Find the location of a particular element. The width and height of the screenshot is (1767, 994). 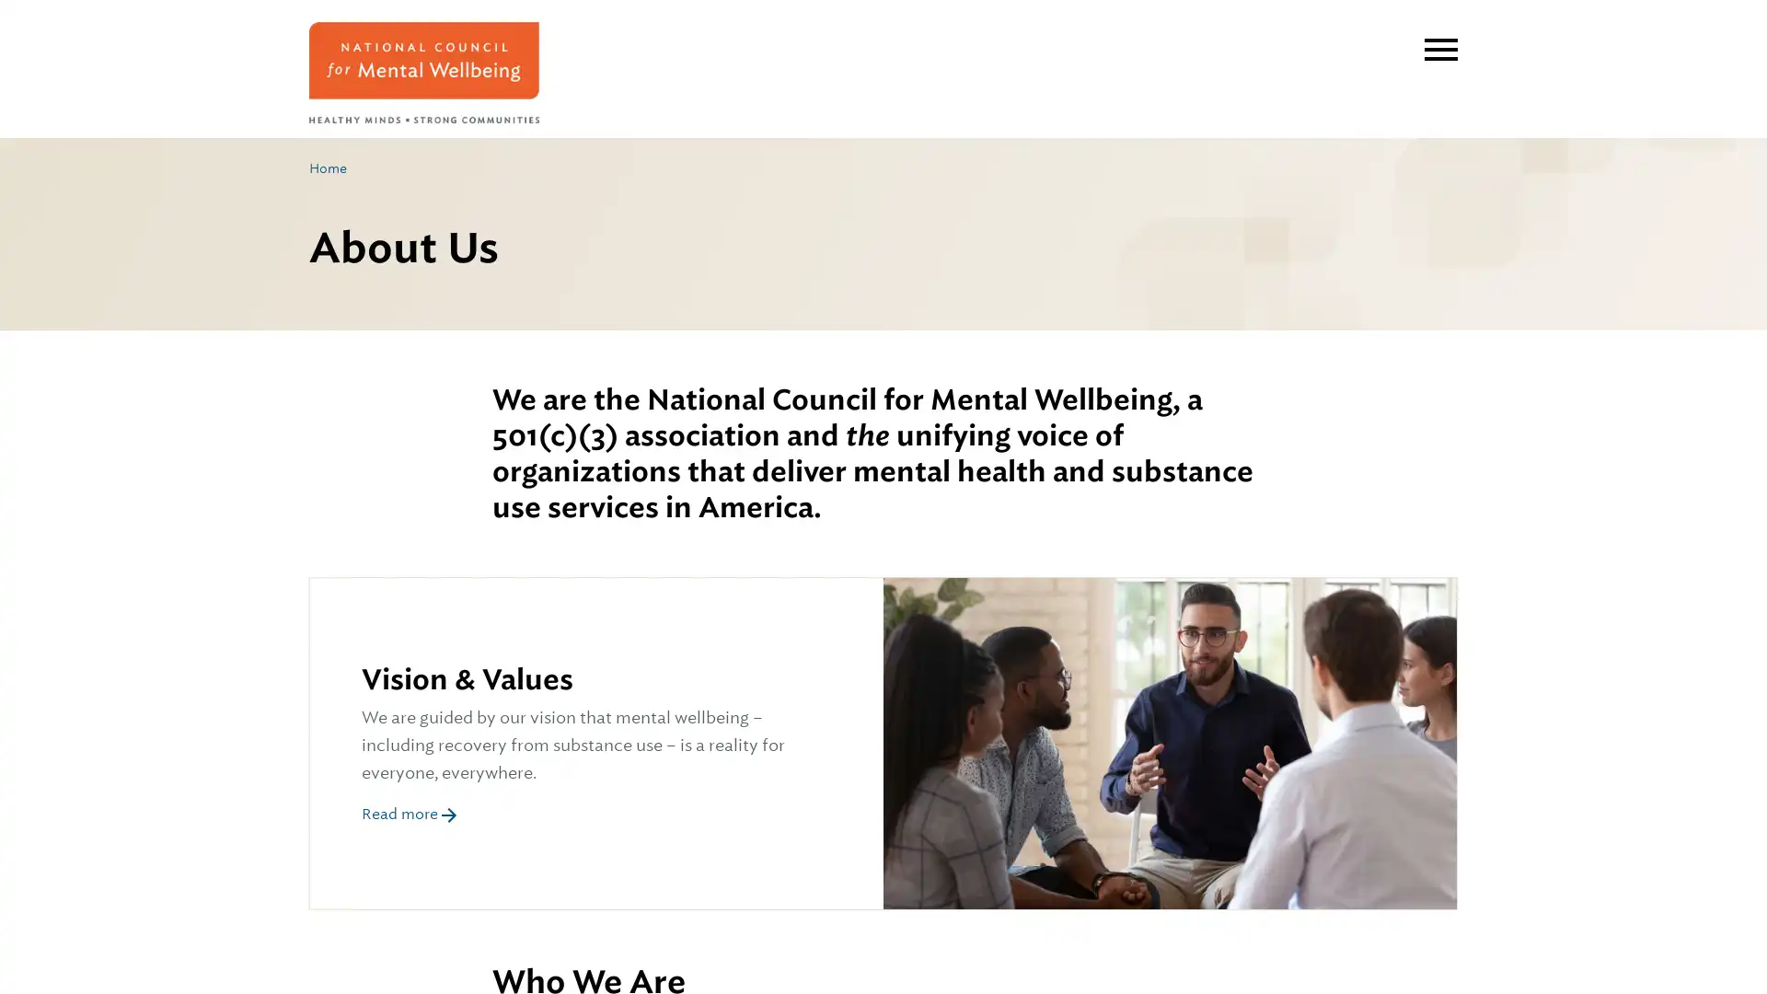

Search is located at coordinates (1415, 34).